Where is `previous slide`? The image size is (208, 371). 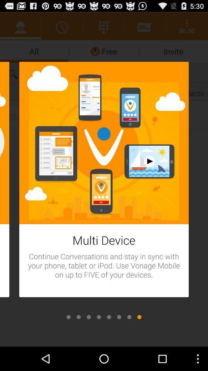 previous slide is located at coordinates (129, 317).